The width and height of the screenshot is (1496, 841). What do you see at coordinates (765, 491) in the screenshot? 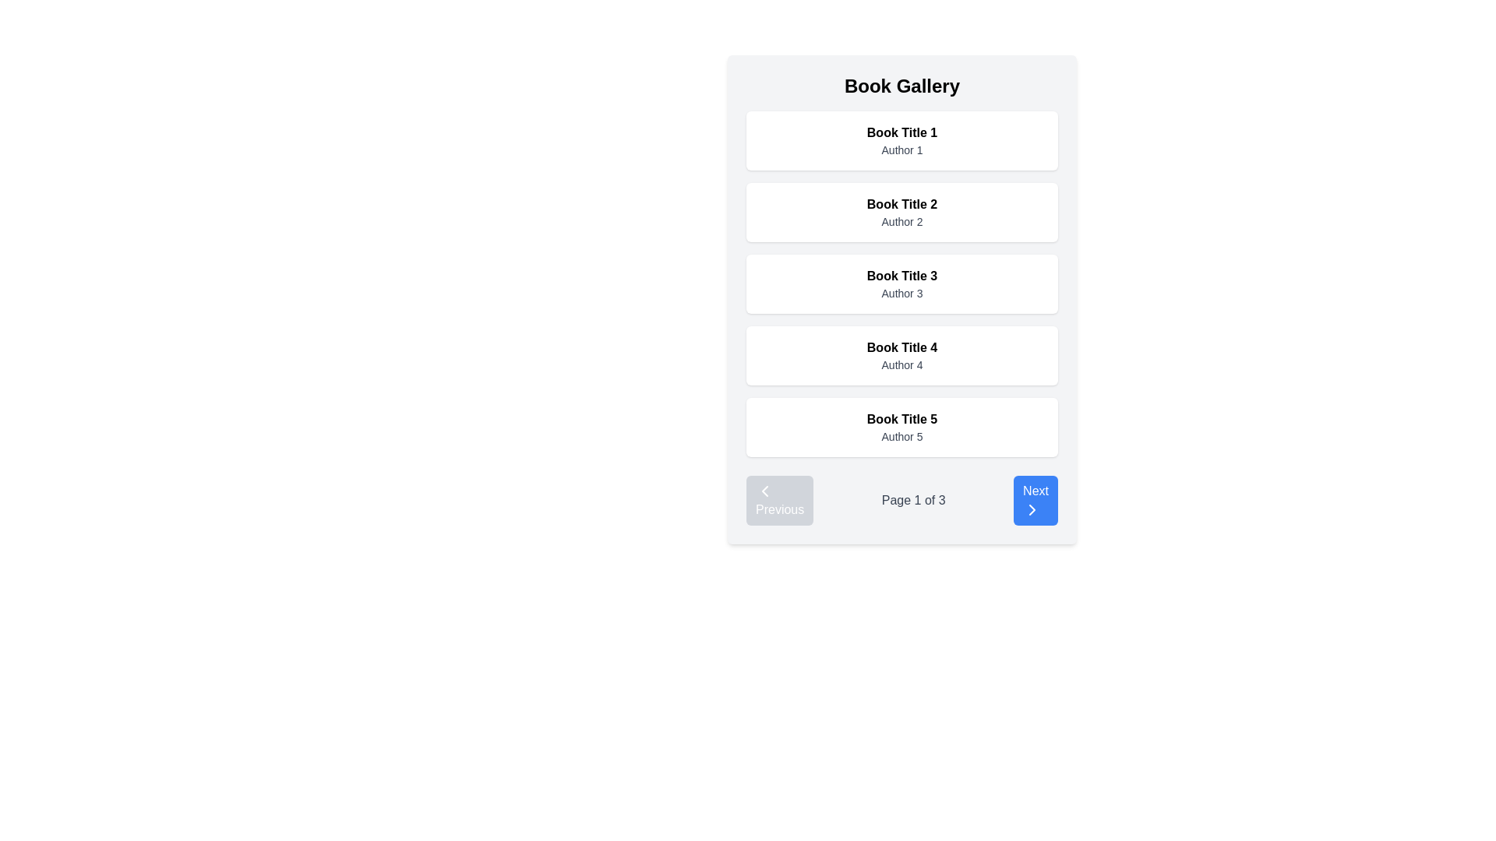
I see `the visualization of the left-facing chevron icon, which indicates a navigation or back action, located at the left edge of the 'Previous' button in the navigation bar at the bottom of the interface` at bounding box center [765, 491].